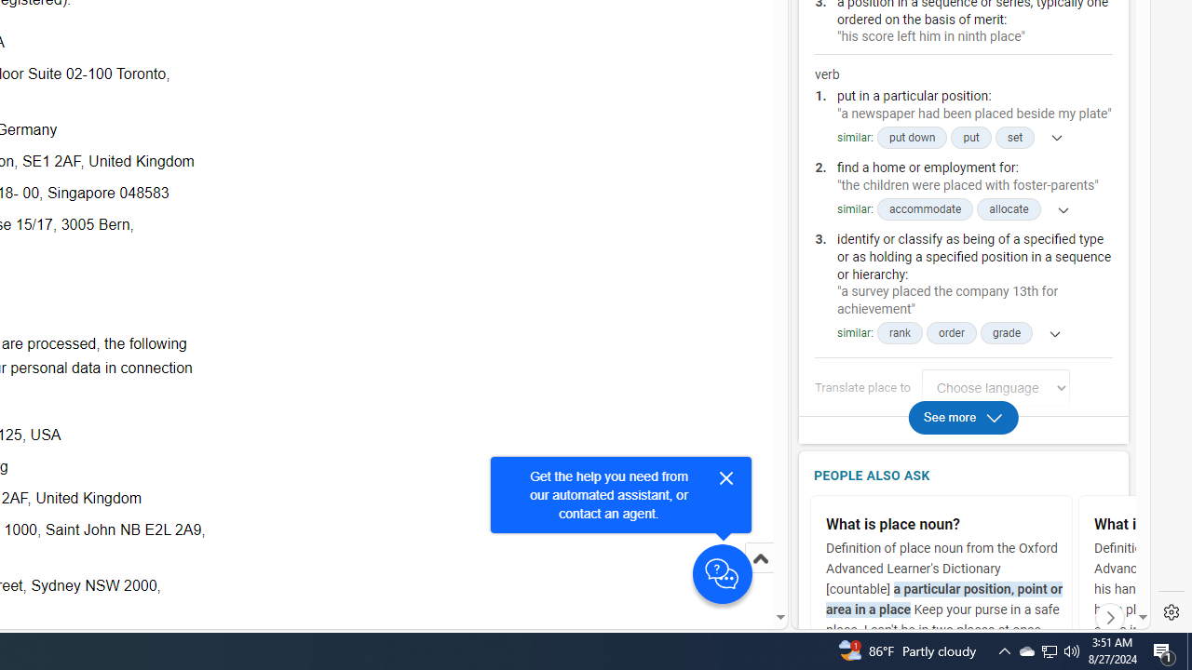 Image resolution: width=1192 pixels, height=670 pixels. Describe the element at coordinates (760, 556) in the screenshot. I see `'Scroll to top'` at that location.